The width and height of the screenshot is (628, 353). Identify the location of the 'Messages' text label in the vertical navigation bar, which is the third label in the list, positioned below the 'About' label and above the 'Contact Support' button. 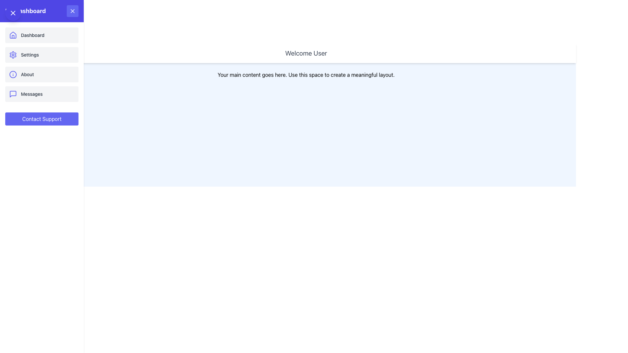
(31, 94).